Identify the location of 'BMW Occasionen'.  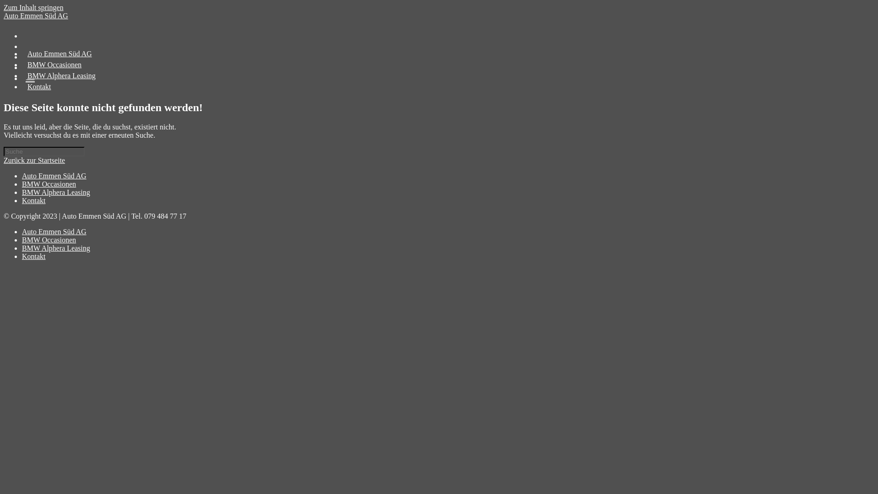
(54, 64).